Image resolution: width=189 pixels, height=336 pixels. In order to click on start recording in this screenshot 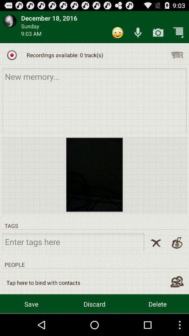, I will do `click(12, 55)`.